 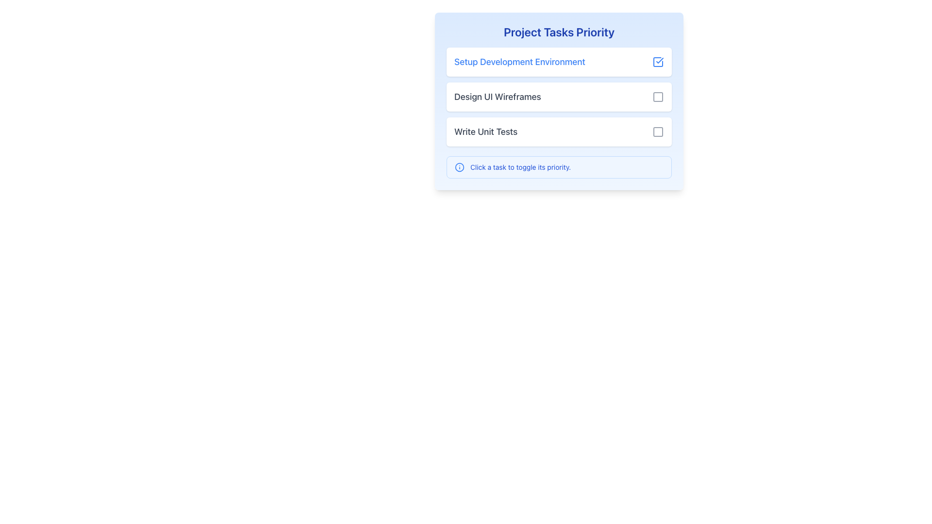 What do you see at coordinates (459, 166) in the screenshot?
I see `the graphical element that visually represents part of an informational icon located within the 'Project Tasks Priority' panel, positioned to the left of the descriptive text` at bounding box center [459, 166].